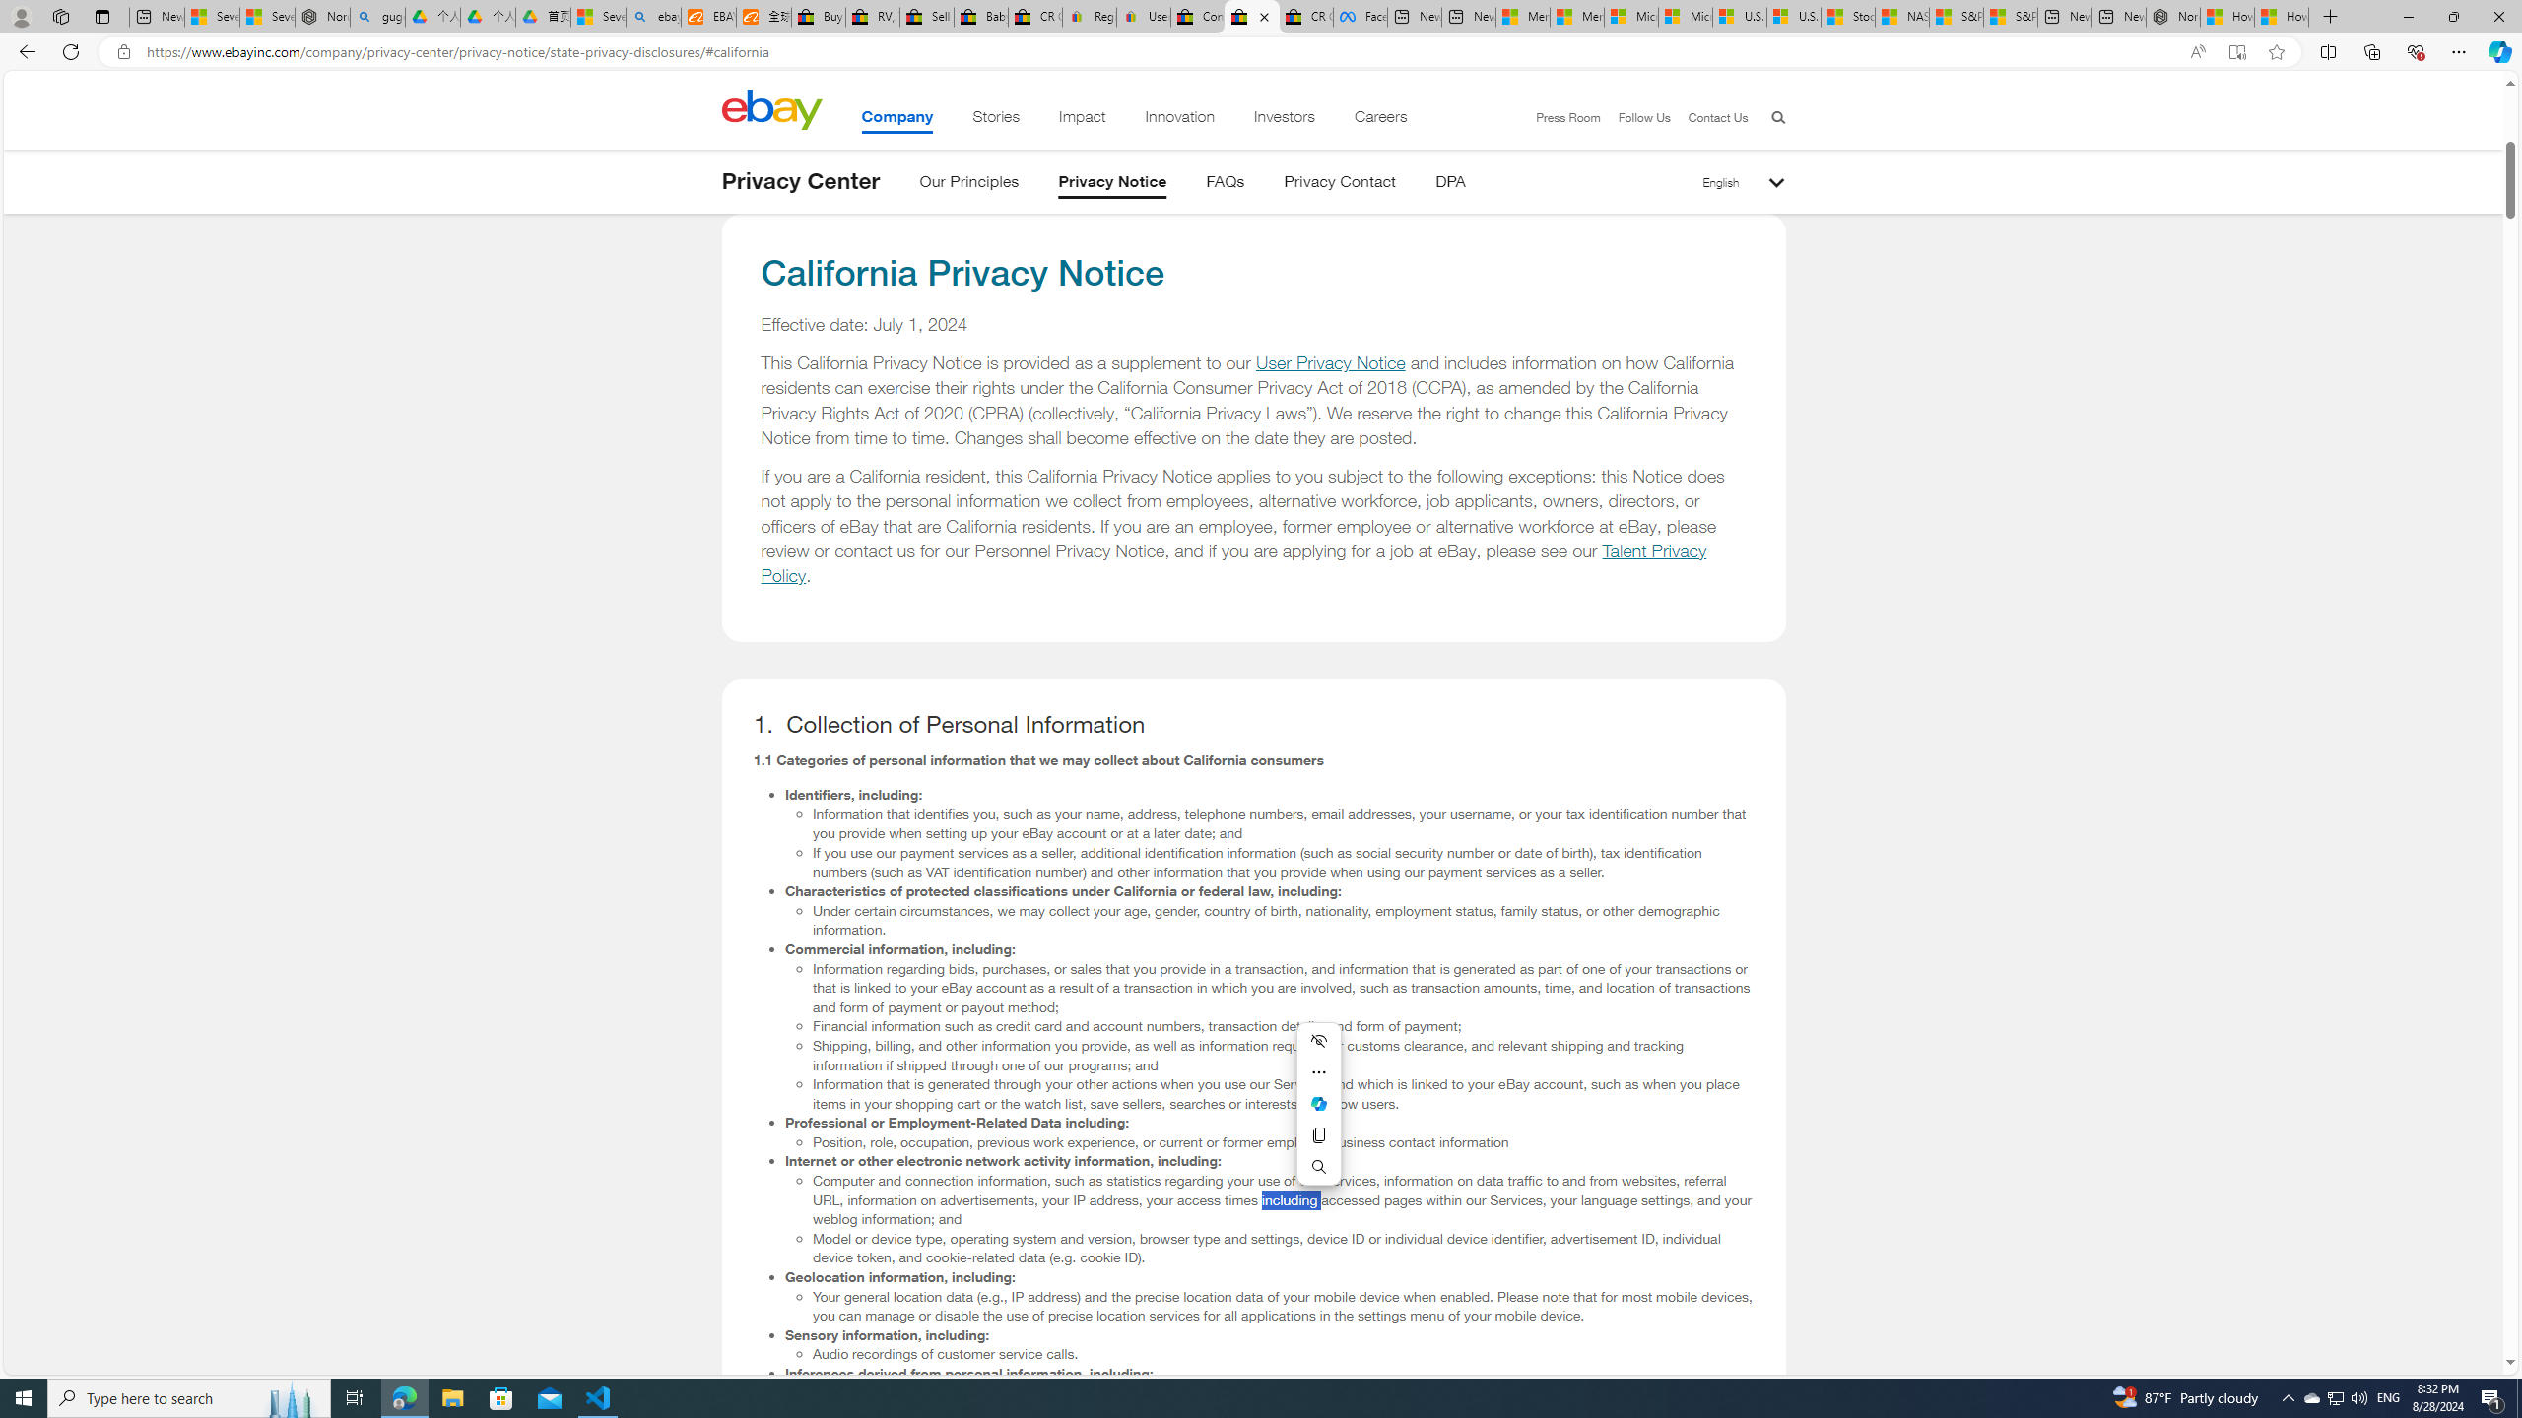  I want to click on 'How to Use a Monitor With Your Closed Laptop', so click(2281, 16).